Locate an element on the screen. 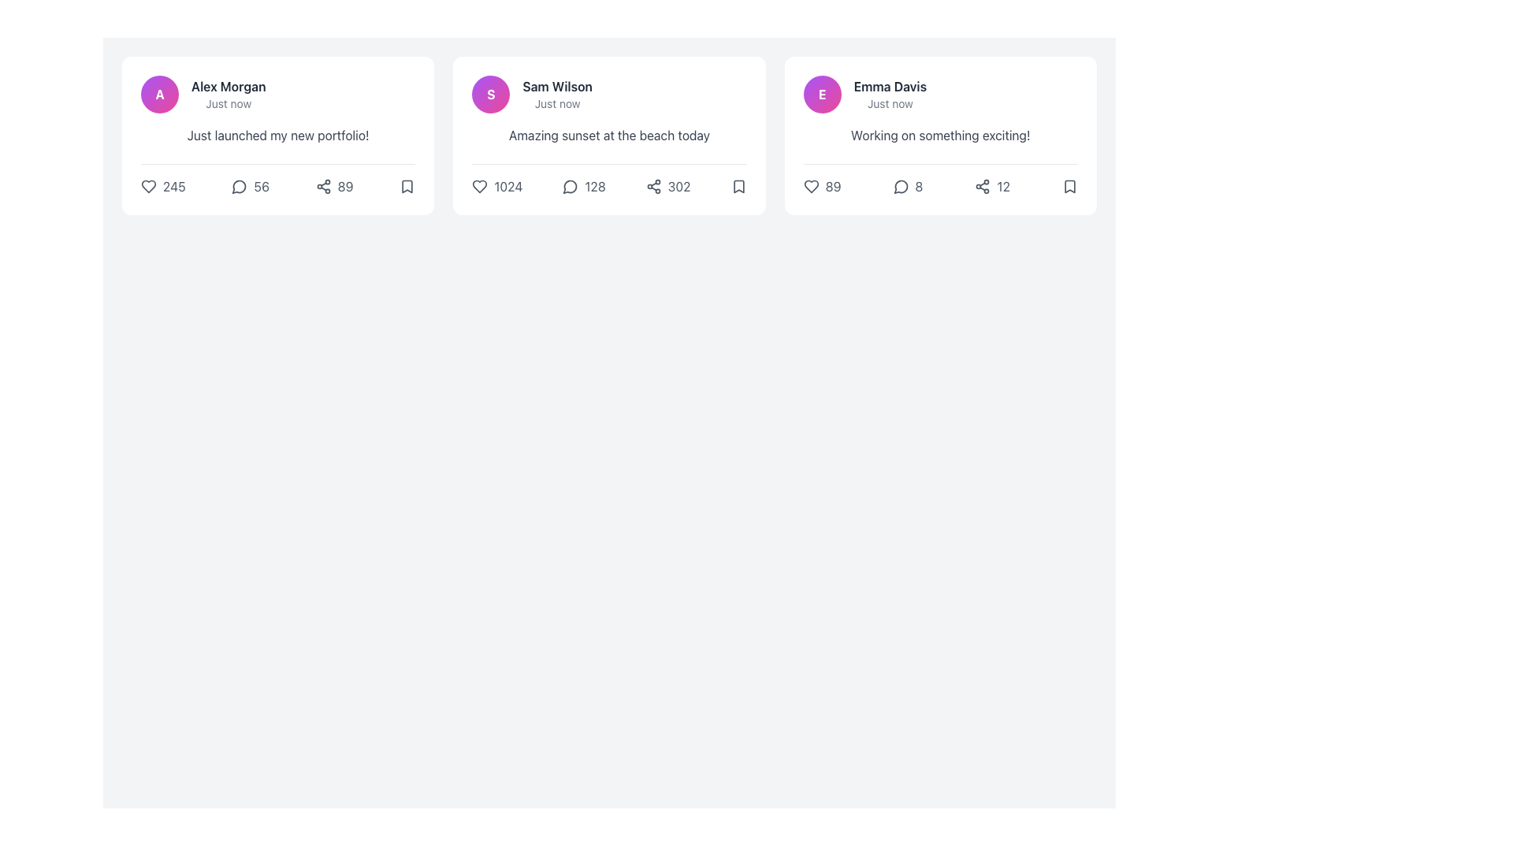  text from the label displaying 'Alex Morgan' in bold dark gray, located at the top-left corner of the first card is located at coordinates (228, 87).